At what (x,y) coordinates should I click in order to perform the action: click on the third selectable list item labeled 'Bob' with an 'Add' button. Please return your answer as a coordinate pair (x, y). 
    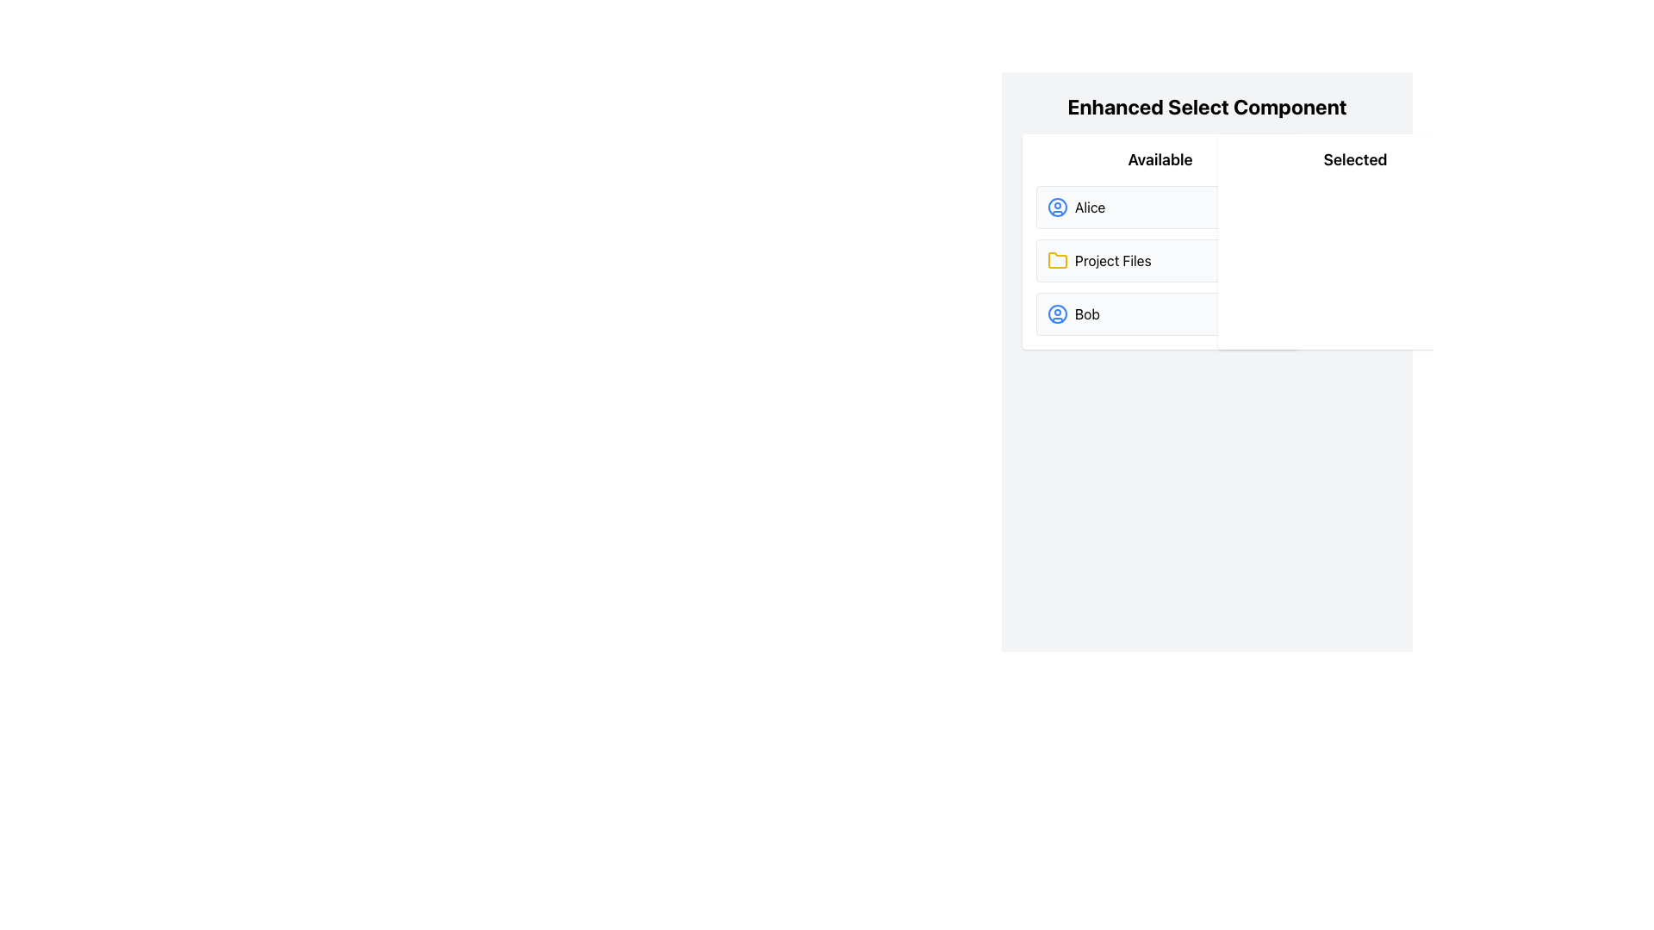
    Looking at the image, I should click on (1160, 314).